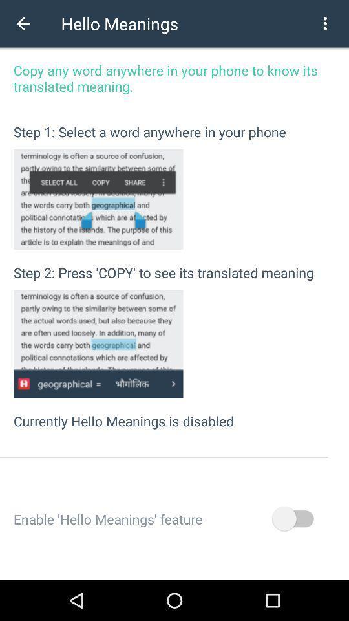  What do you see at coordinates (324, 23) in the screenshot?
I see `more options` at bounding box center [324, 23].